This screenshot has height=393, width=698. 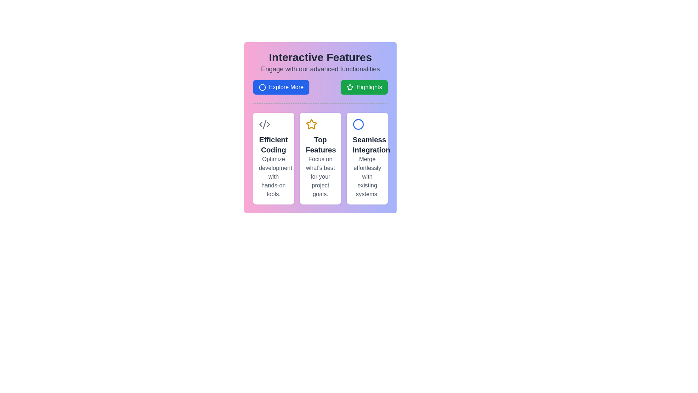 What do you see at coordinates (264, 124) in the screenshot?
I see `the code tag icon '<>' styled with a rounded design, located at the top left corner inside the white card labeled 'Efficient Coding'` at bounding box center [264, 124].